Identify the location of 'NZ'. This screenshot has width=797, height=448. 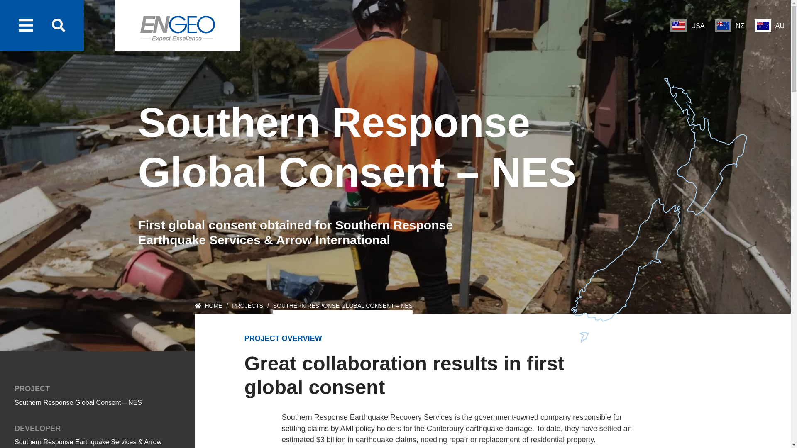
(714, 25).